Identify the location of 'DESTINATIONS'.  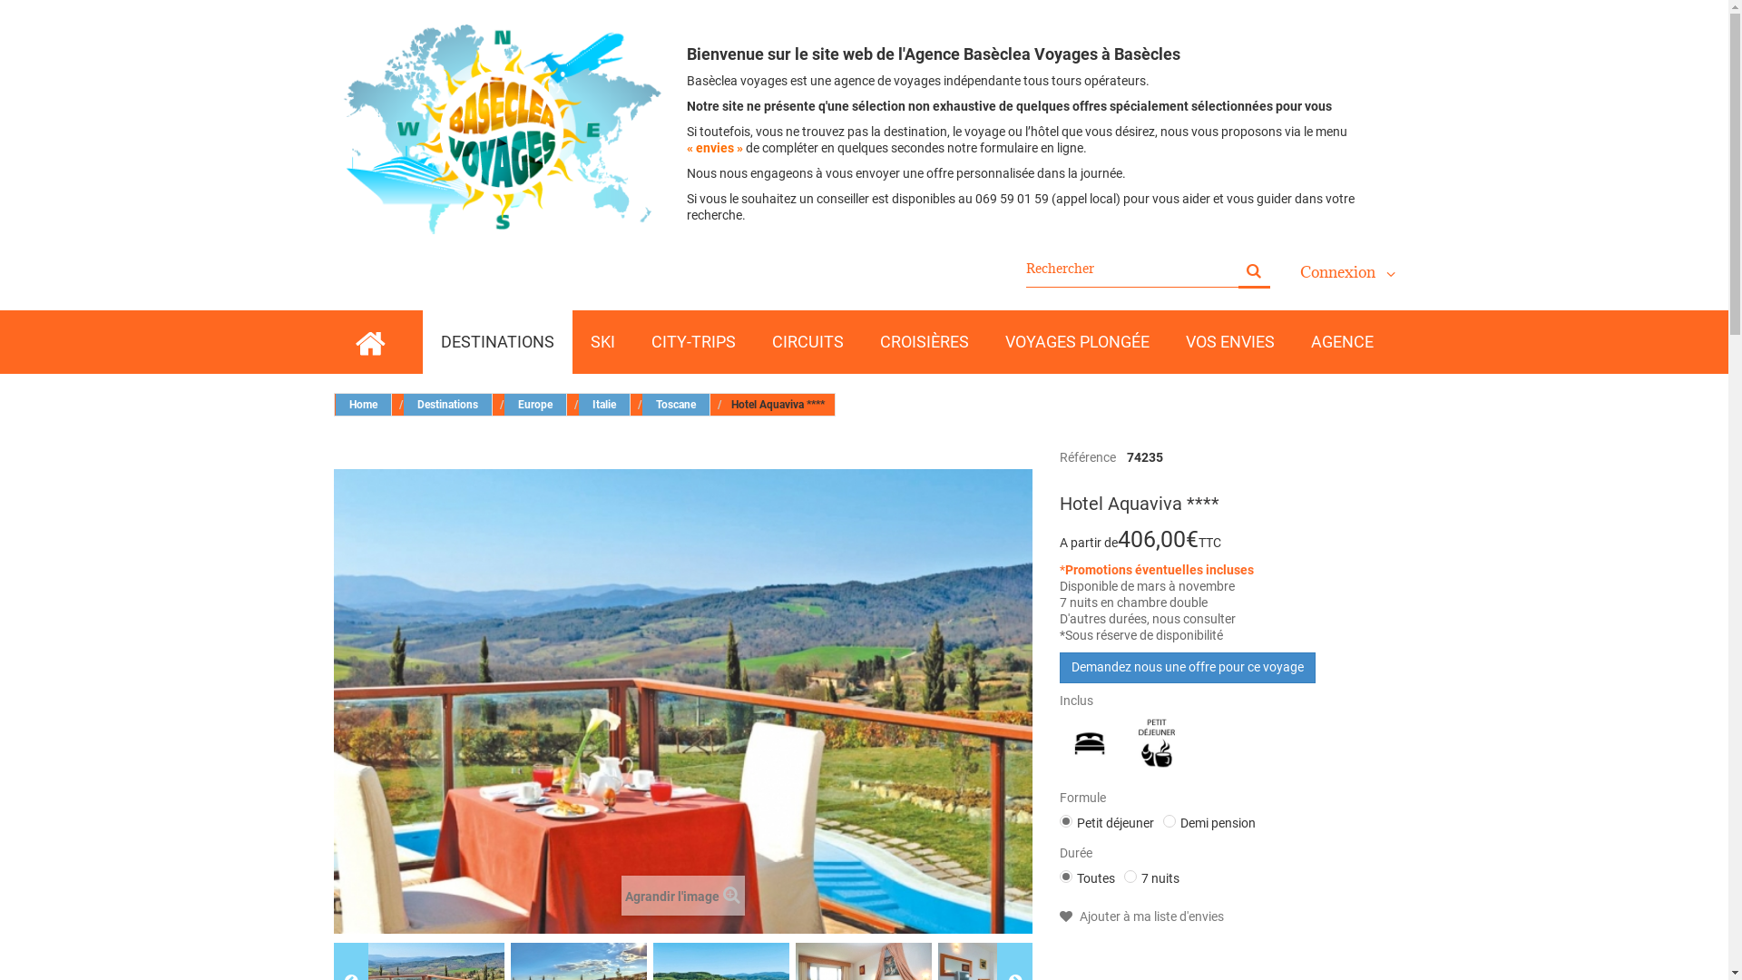
(497, 342).